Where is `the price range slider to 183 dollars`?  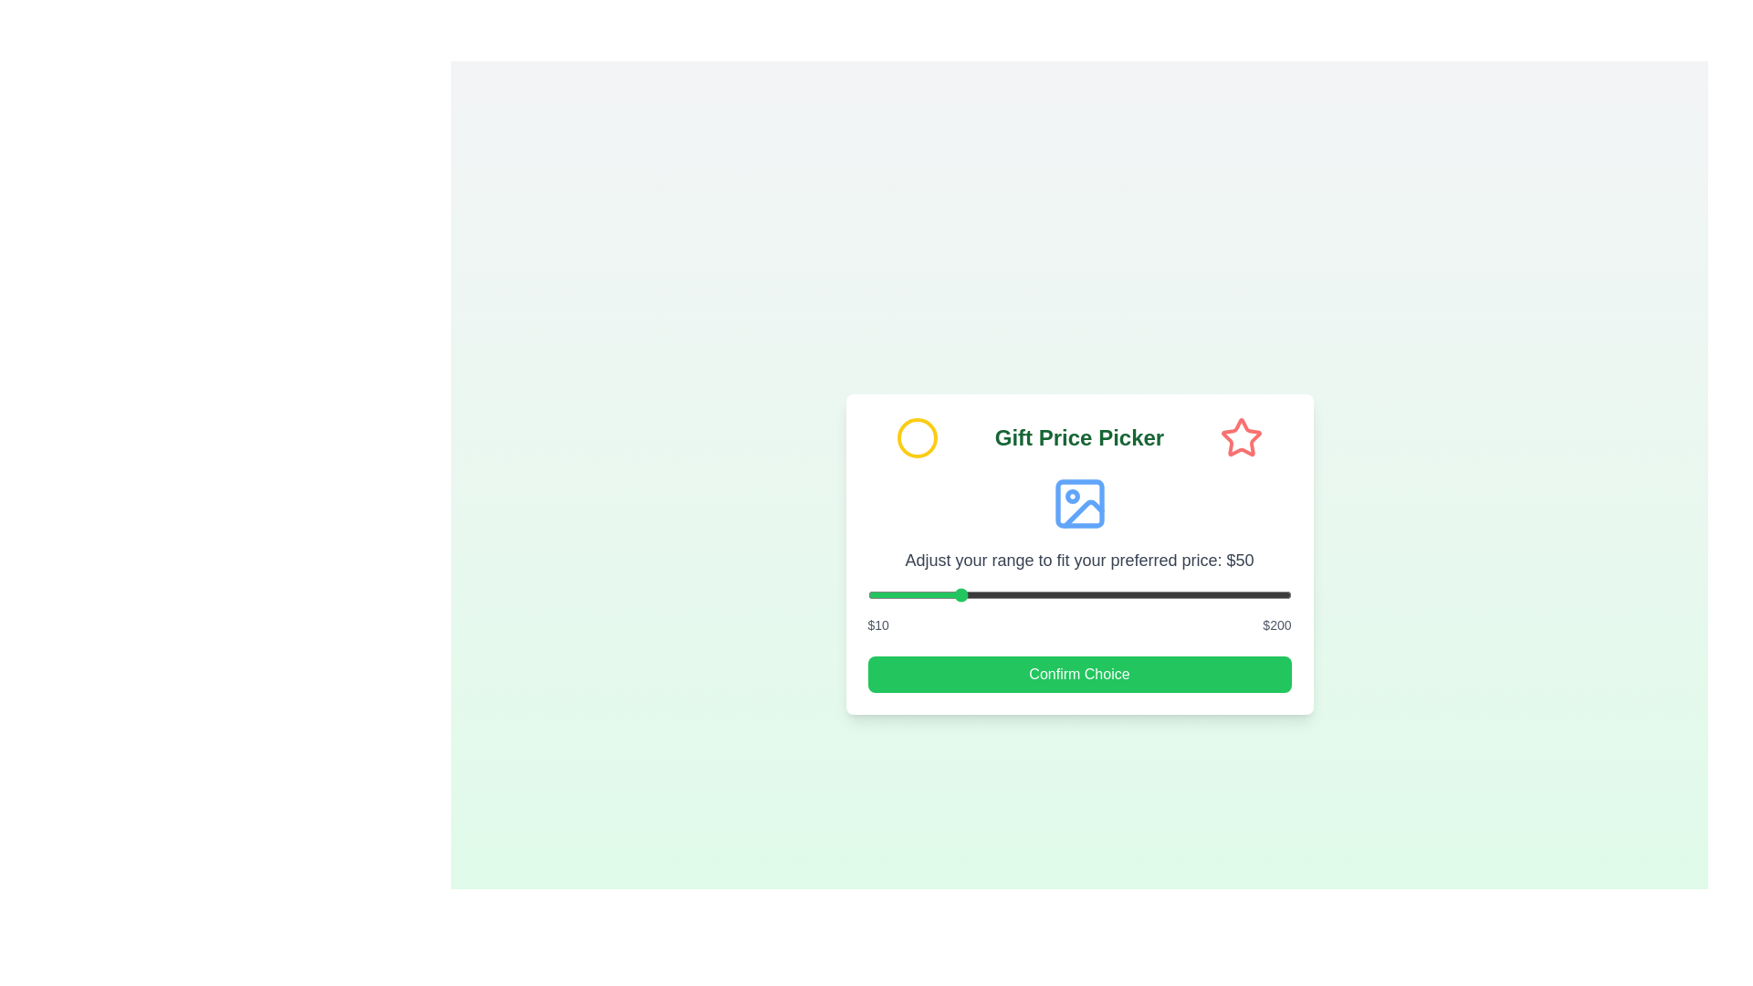
the price range slider to 183 dollars is located at coordinates (1252, 594).